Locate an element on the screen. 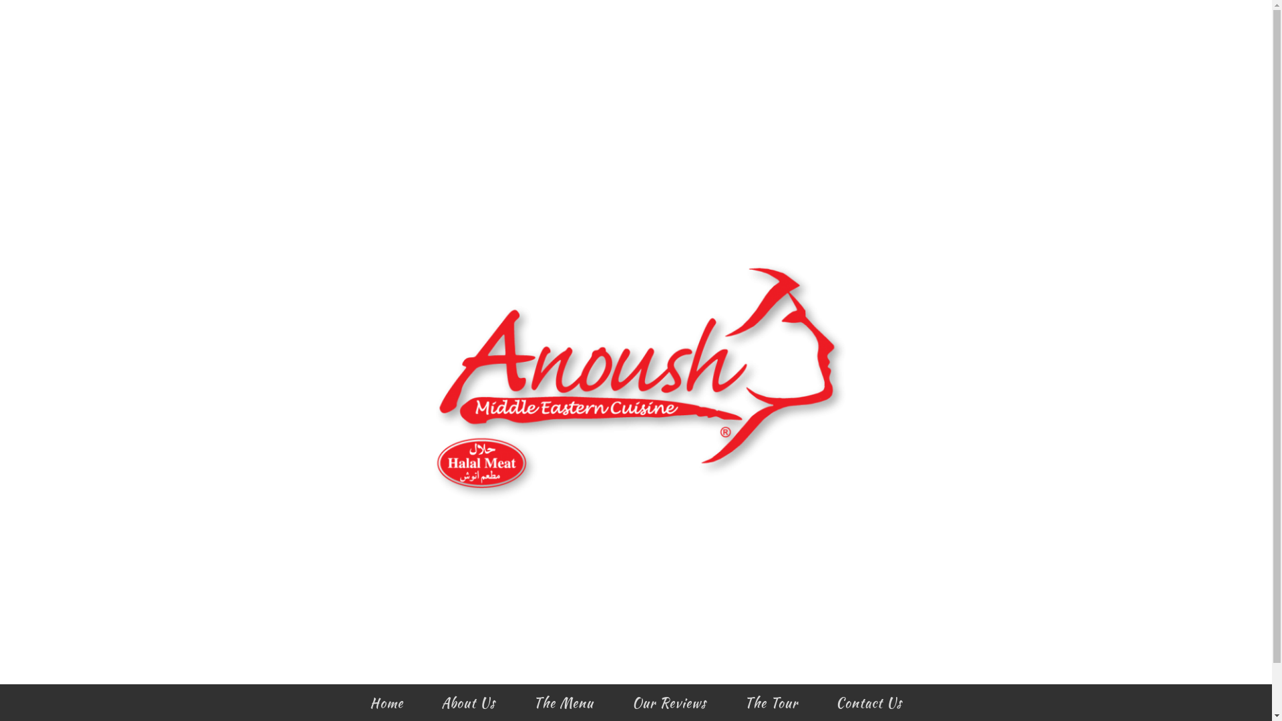  'The Menu' is located at coordinates (564, 704).